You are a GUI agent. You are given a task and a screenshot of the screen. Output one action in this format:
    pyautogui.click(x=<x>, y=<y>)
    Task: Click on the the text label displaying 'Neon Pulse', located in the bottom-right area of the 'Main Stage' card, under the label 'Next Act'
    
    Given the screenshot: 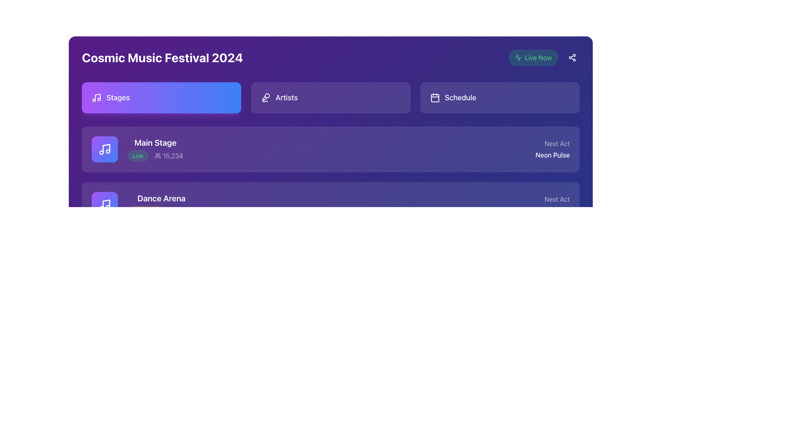 What is the action you would take?
    pyautogui.click(x=553, y=155)
    